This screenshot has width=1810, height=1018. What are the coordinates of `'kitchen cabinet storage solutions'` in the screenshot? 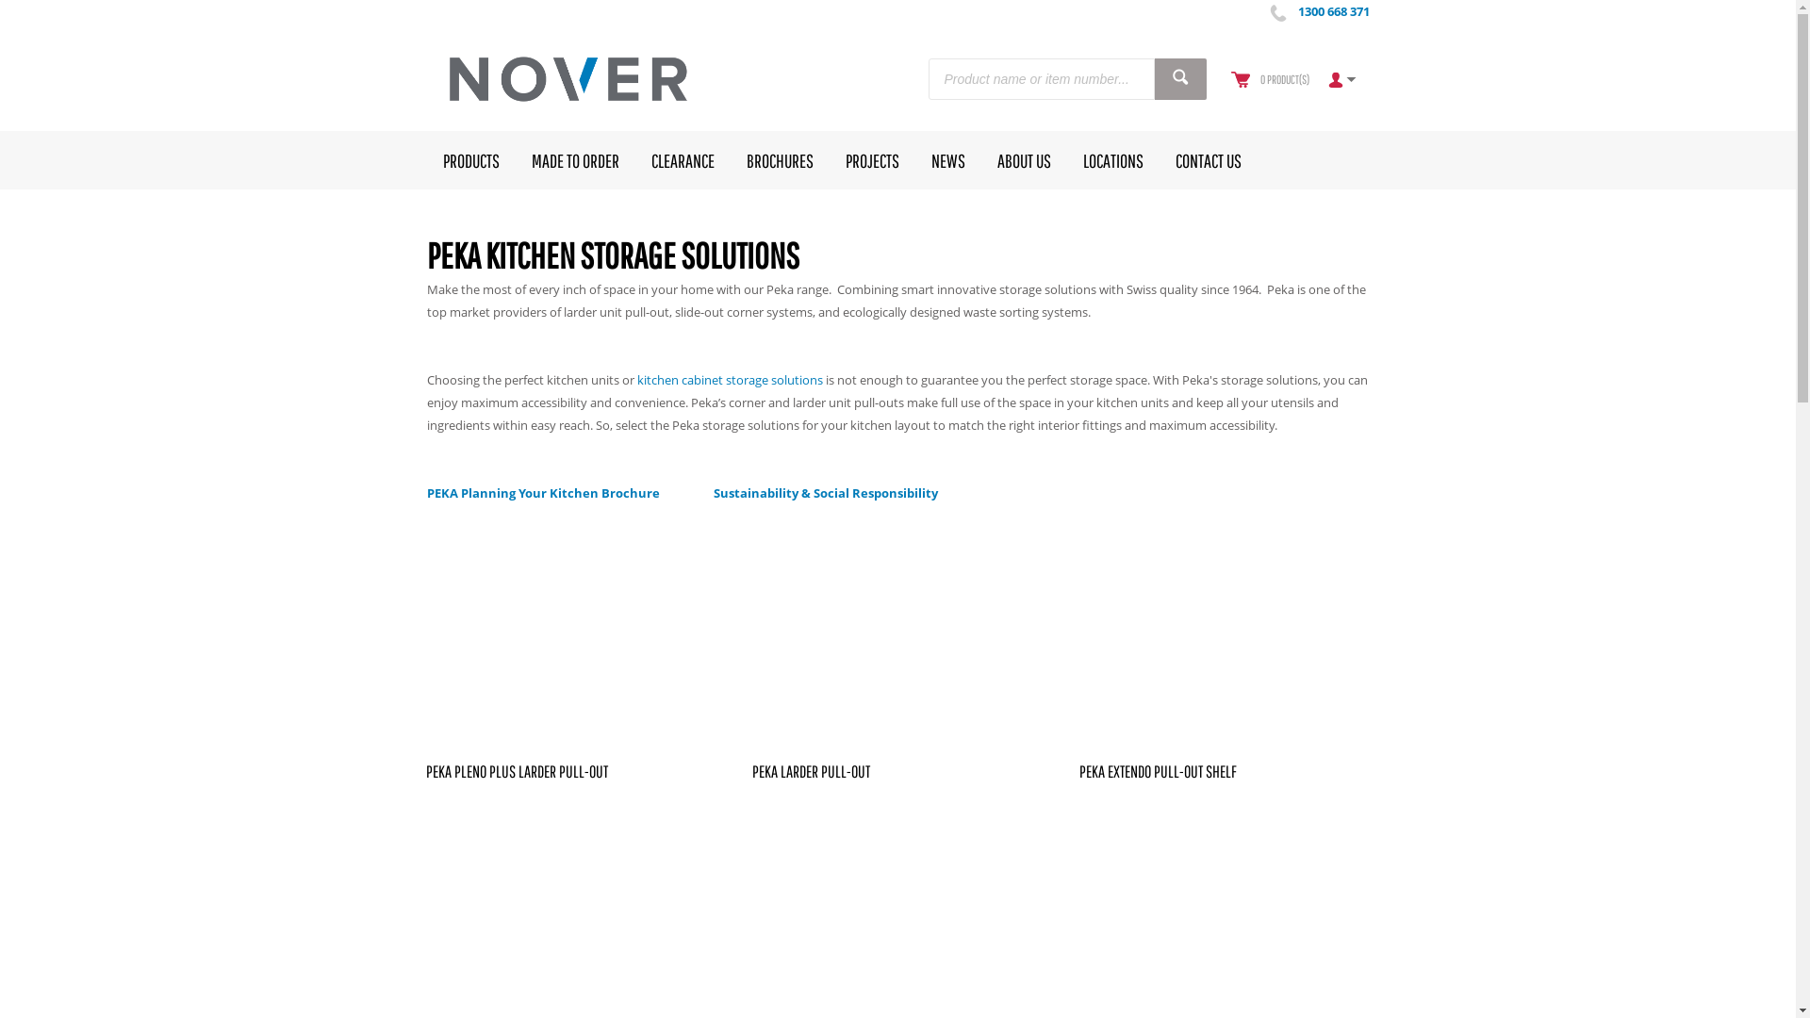 It's located at (729, 379).